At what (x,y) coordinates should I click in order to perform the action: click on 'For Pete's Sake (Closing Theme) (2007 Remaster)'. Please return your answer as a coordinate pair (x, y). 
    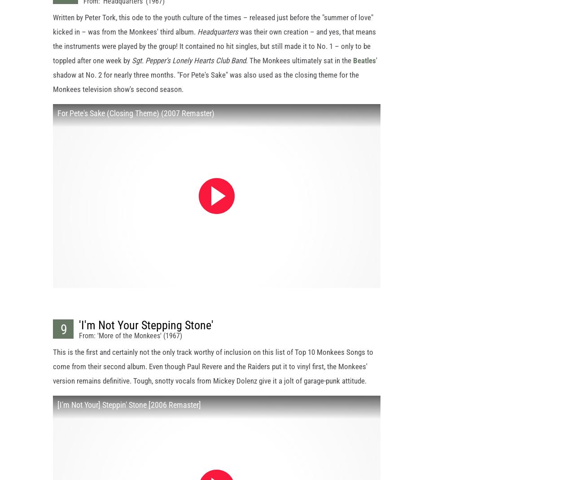
    Looking at the image, I should click on (136, 121).